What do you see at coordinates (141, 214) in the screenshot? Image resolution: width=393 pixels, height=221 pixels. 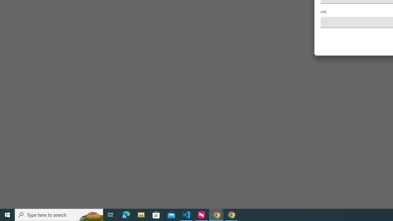 I see `'File Explorer'` at bounding box center [141, 214].